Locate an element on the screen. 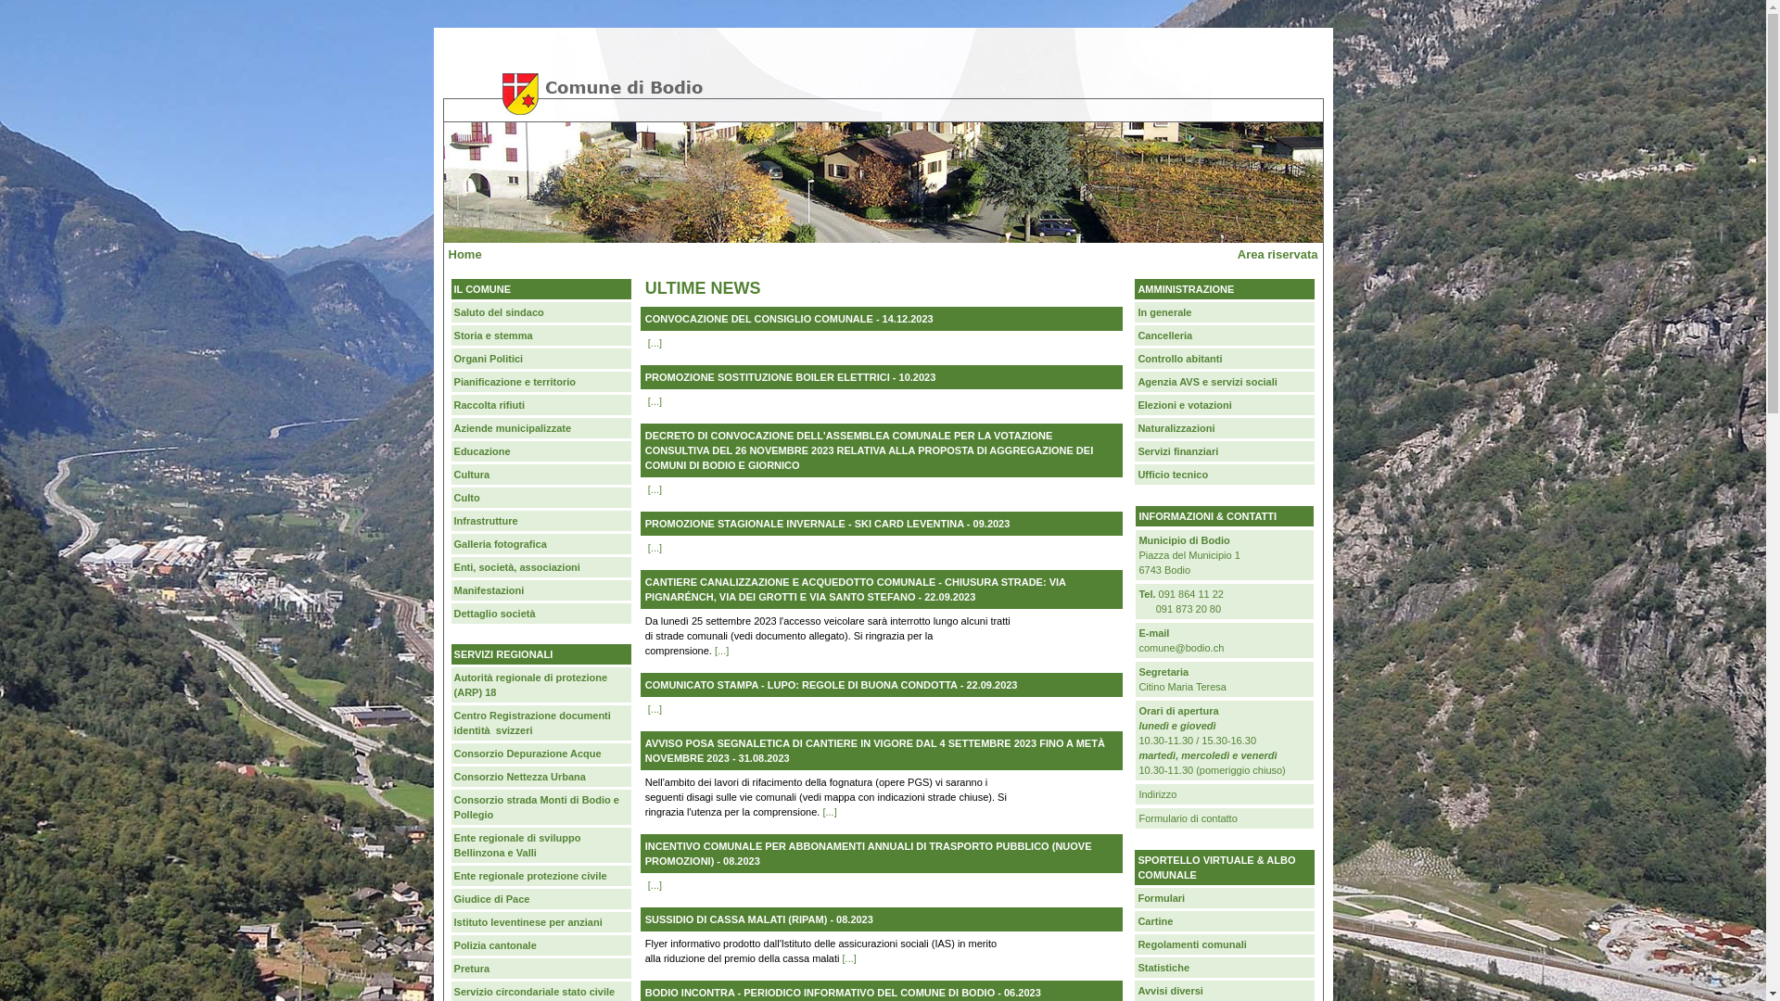  'comune@bodio.ch' is located at coordinates (1179, 646).